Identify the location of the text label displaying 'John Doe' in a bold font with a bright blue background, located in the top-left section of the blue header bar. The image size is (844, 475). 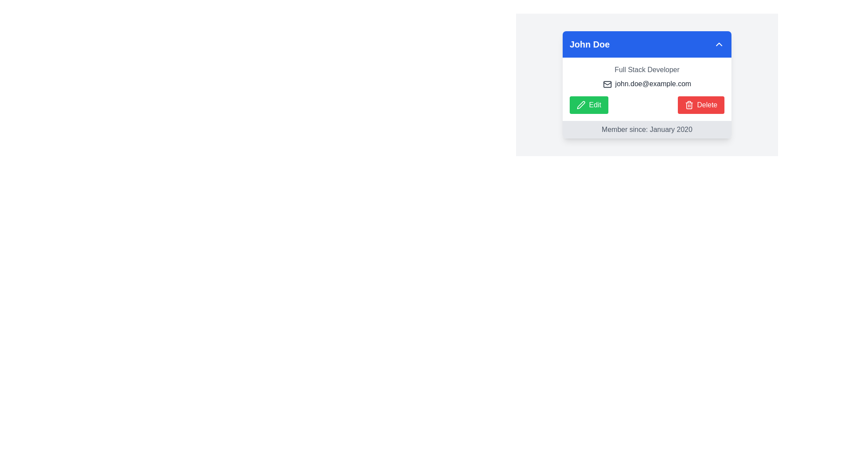
(589, 44).